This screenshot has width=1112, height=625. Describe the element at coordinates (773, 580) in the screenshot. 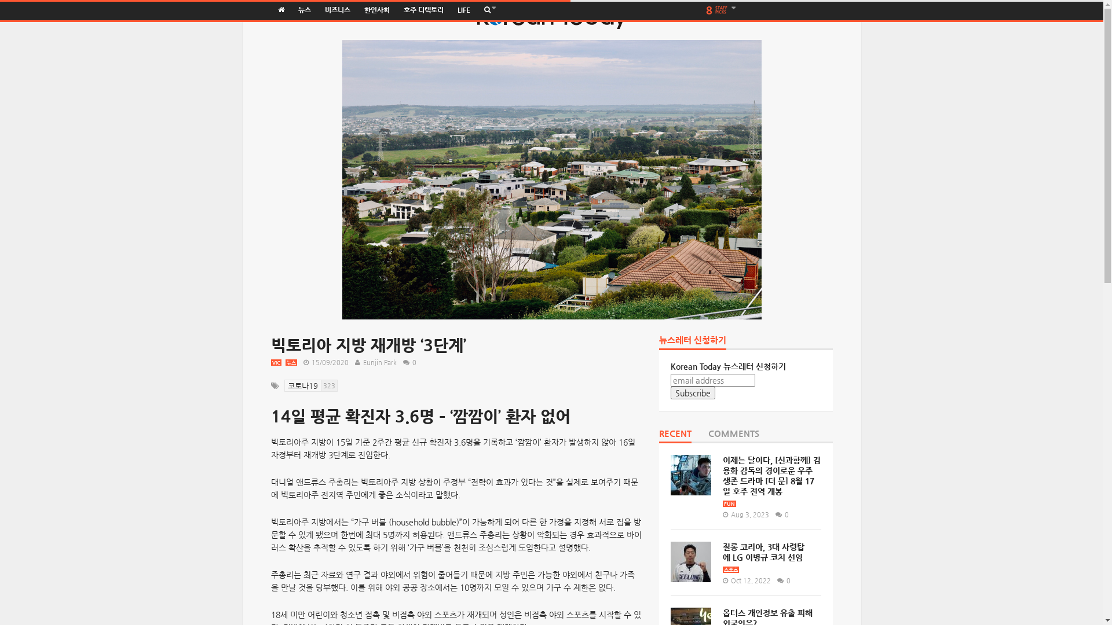

I see `'0'` at that location.